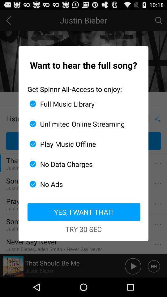 This screenshot has width=167, height=297. What do you see at coordinates (81, 184) in the screenshot?
I see `the no ads app` at bounding box center [81, 184].